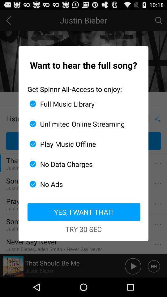 This screenshot has width=167, height=297. What do you see at coordinates (81, 184) in the screenshot?
I see `the no ads app` at bounding box center [81, 184].